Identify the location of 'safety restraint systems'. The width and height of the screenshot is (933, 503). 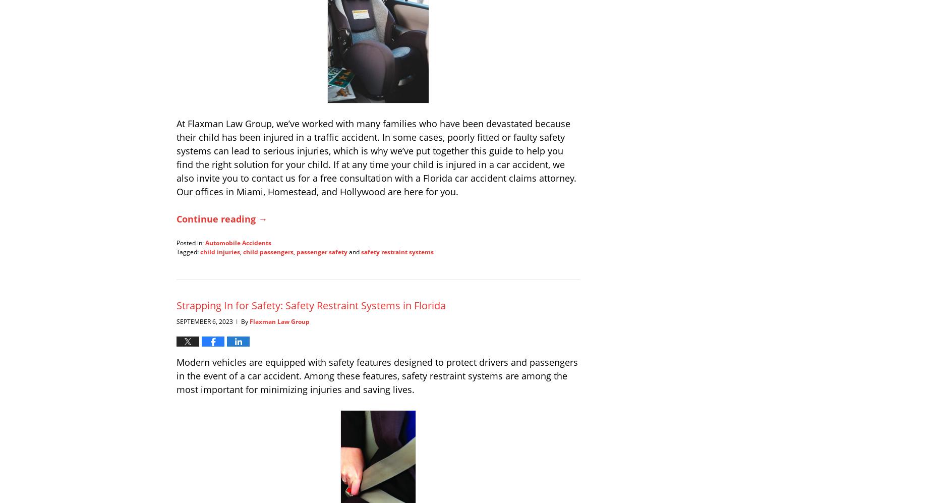
(397, 251).